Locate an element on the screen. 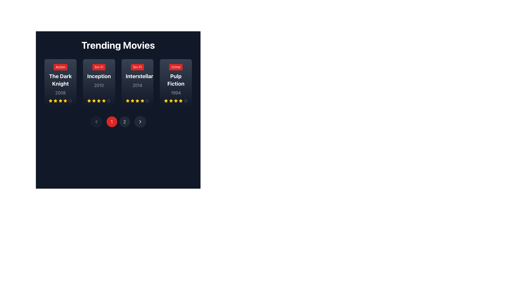 The height and width of the screenshot is (289, 514). the fourth movie card in the 'Trending Movies' section, which displays details about the movie such as genre, title, release year, and user rating is located at coordinates (176, 83).